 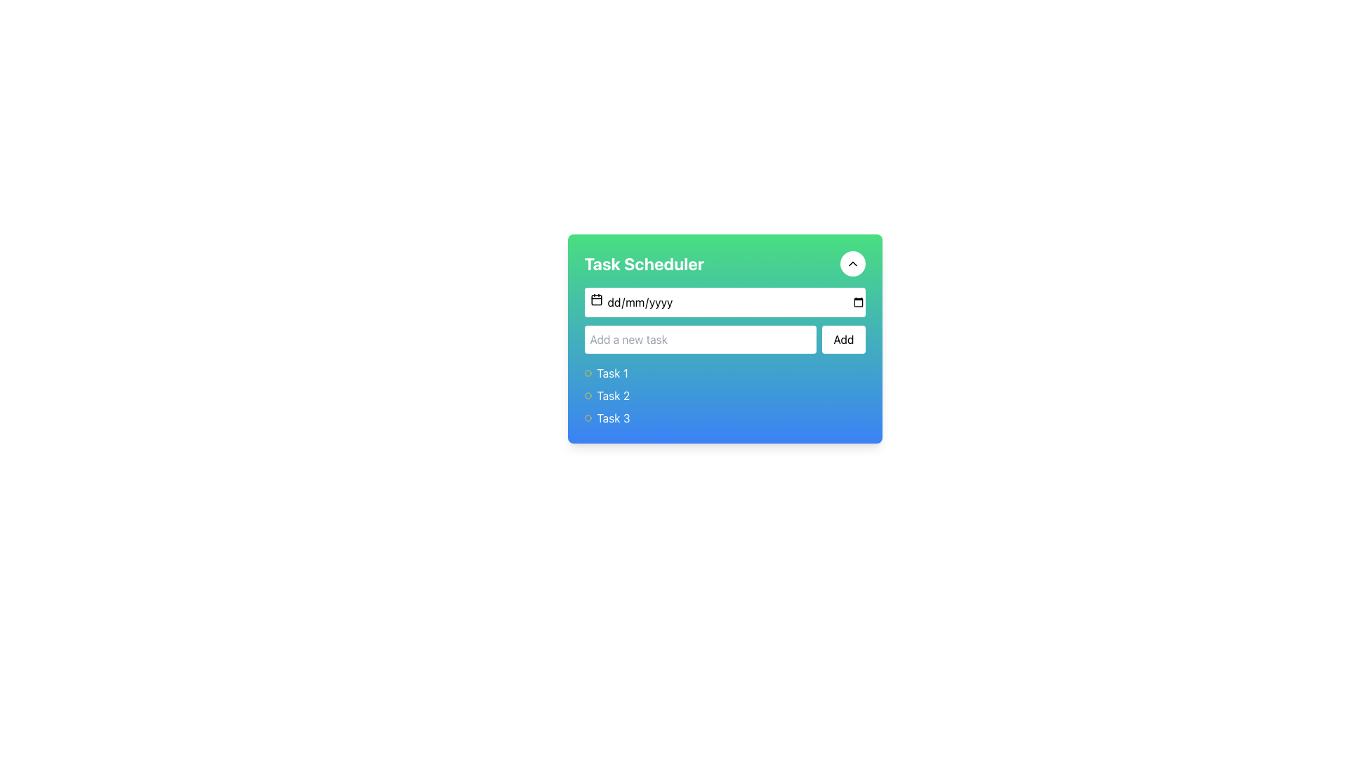 I want to click on the static text label displaying 'Task 2', which is styled with a white sans-serif font on a blue gradient background and positioned as the second item in a list below the 'Task Scheduler' header, so click(x=613, y=395).